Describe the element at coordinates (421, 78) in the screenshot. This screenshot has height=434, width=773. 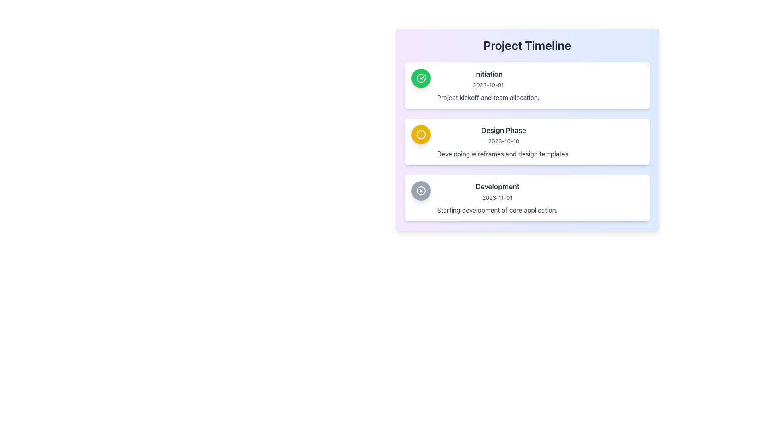
I see `the status icon indicating the completion or initiation of the 'Initiation' phase in the Project Timeline interface, located to the left of the text 'Initiation' and '2023-10-01'` at that location.